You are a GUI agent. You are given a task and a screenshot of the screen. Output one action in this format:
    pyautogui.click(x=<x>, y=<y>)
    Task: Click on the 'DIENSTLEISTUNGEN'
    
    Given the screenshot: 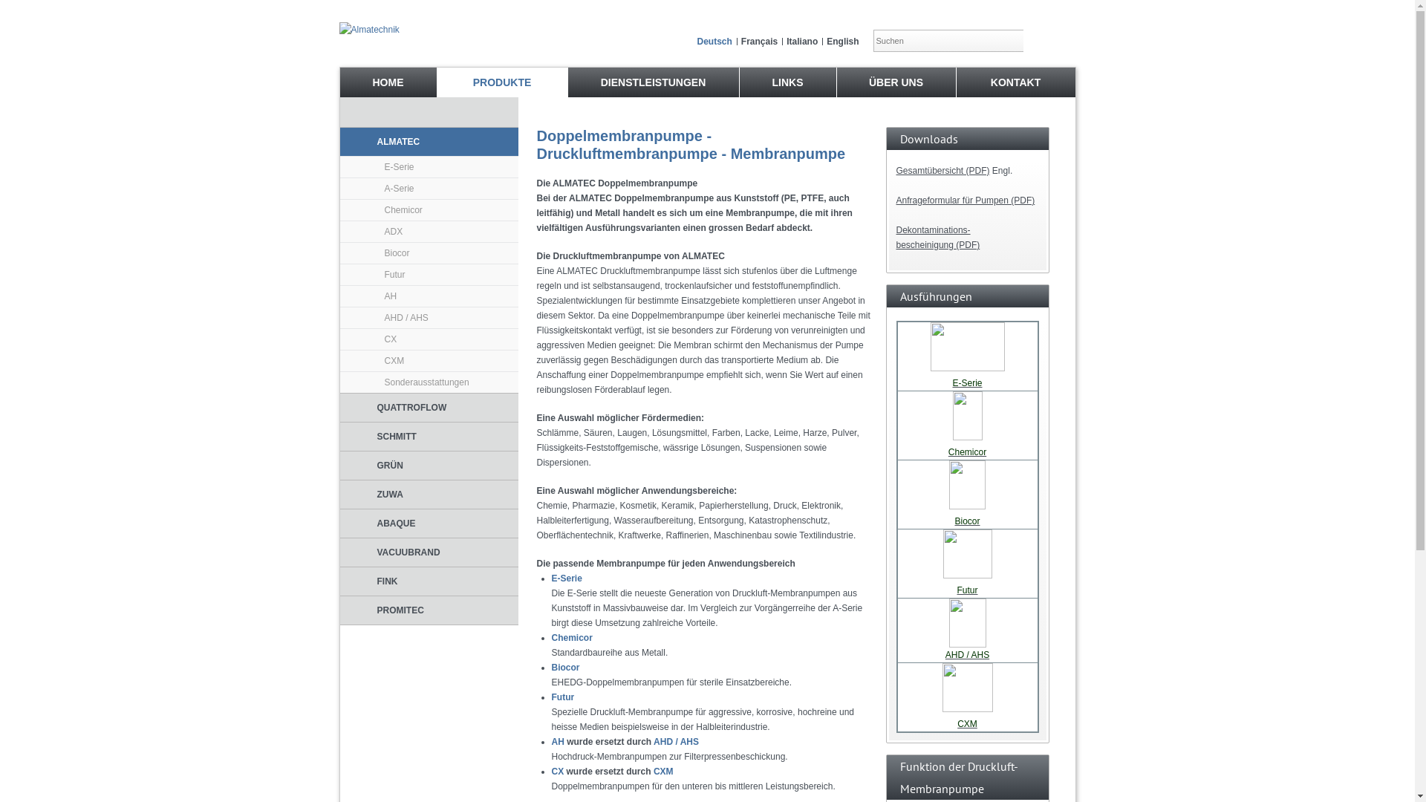 What is the action you would take?
    pyautogui.click(x=652, y=82)
    